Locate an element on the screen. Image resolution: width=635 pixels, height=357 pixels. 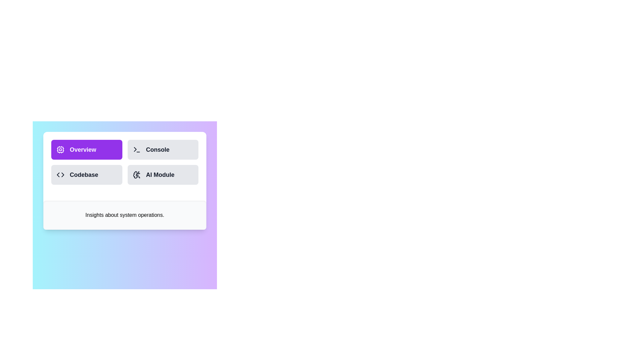
the Console menu button to observe its transition animation is located at coordinates (163, 149).